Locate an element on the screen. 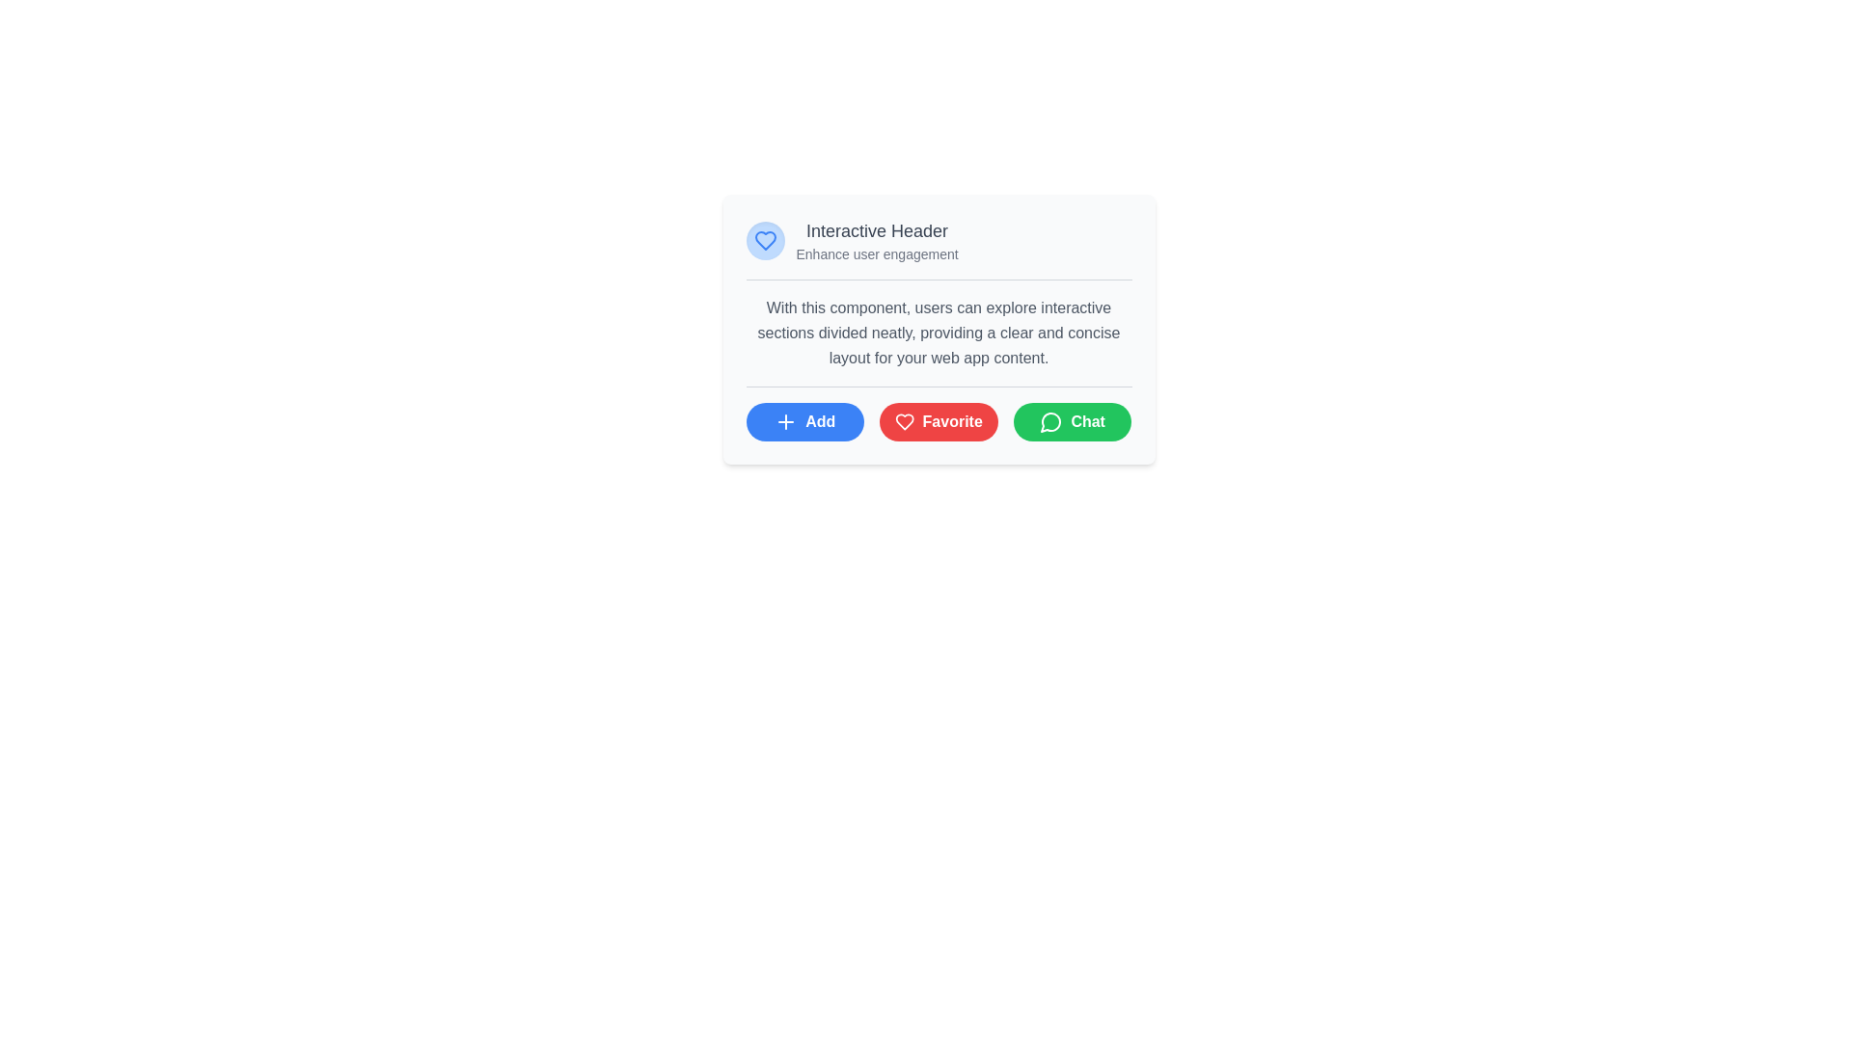 This screenshot has width=1852, height=1041. the third button in the grid that initiates a chat or opens a messaging interface for interactivity effects is located at coordinates (1072, 421).